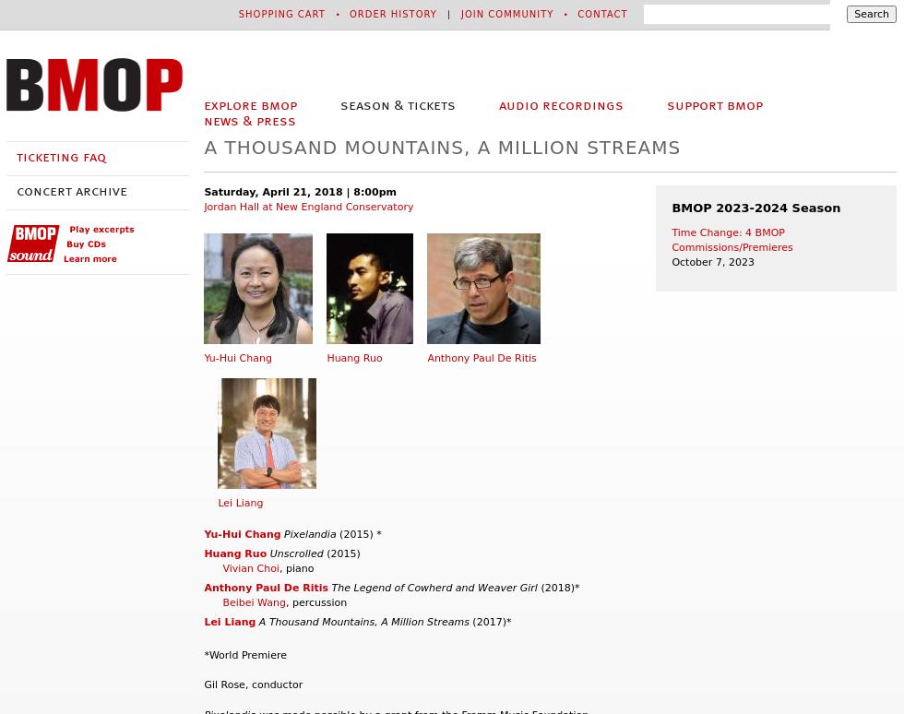  I want to click on 'Huang Ruo', so click(234, 552).